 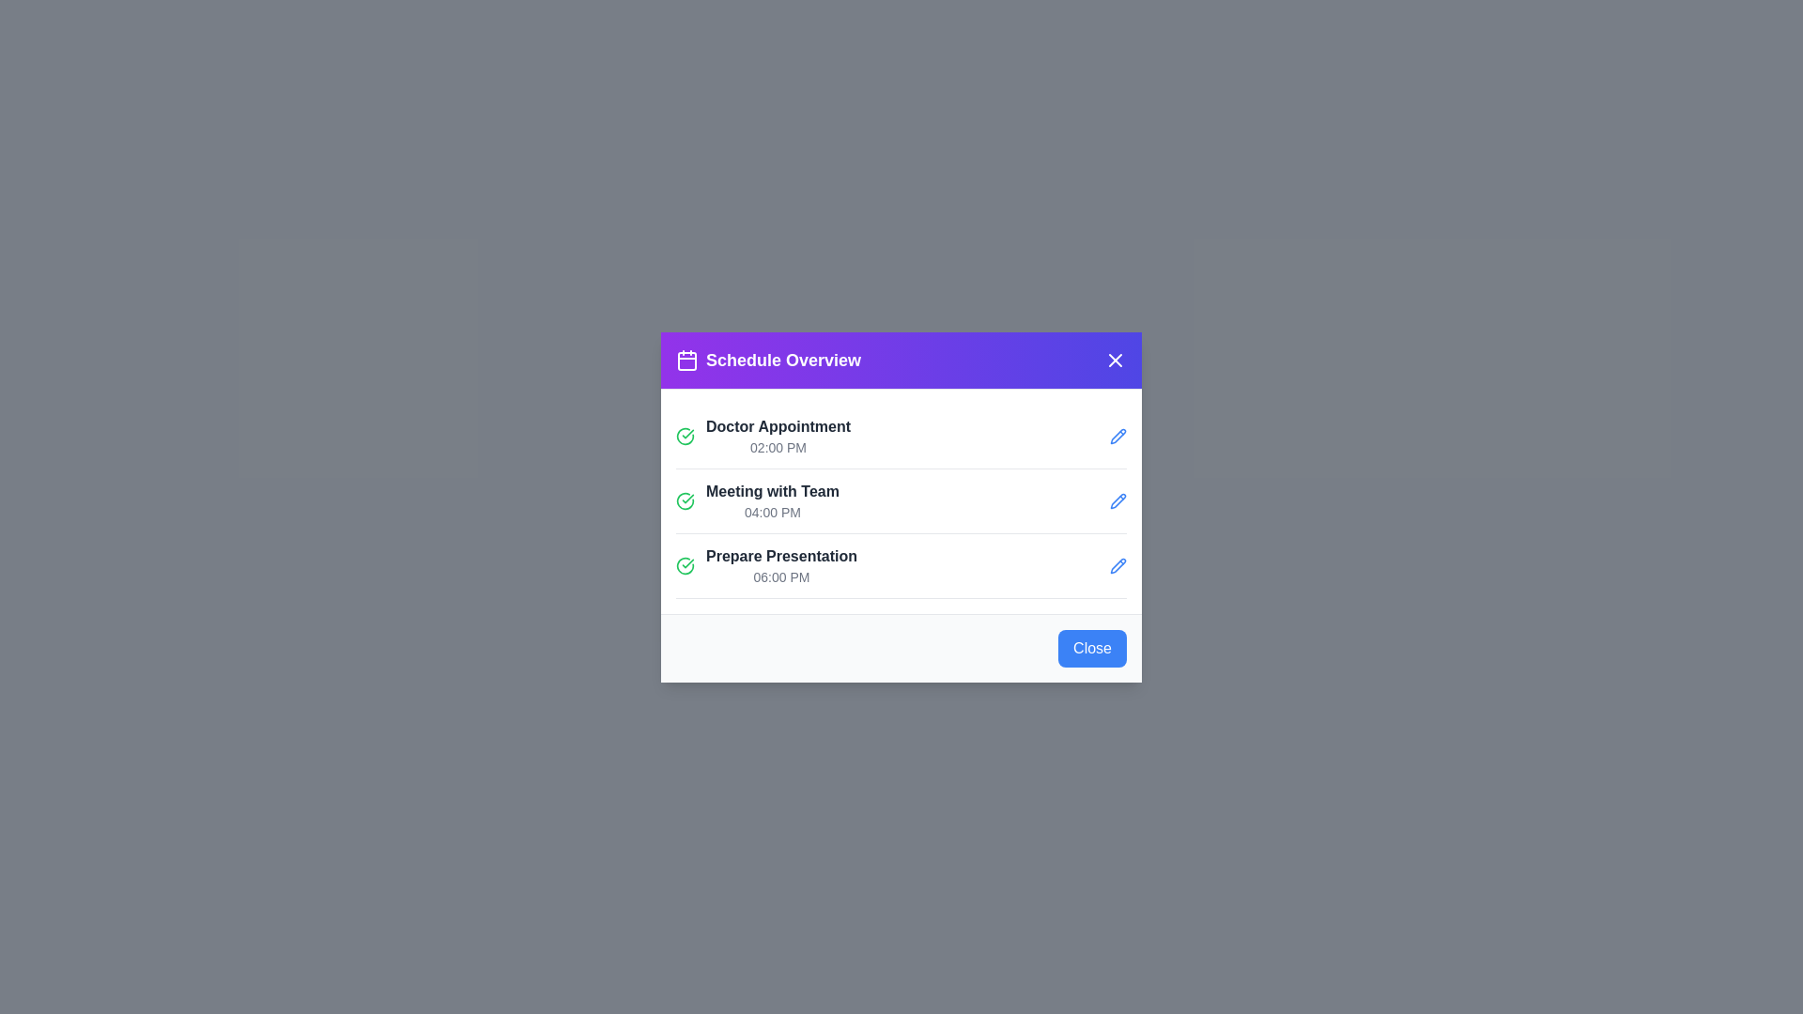 I want to click on the pencil icon button located on the far-right side of the 'Prepare Presentation' row at '06:00 PM' for keyboard navigation, so click(x=1117, y=564).